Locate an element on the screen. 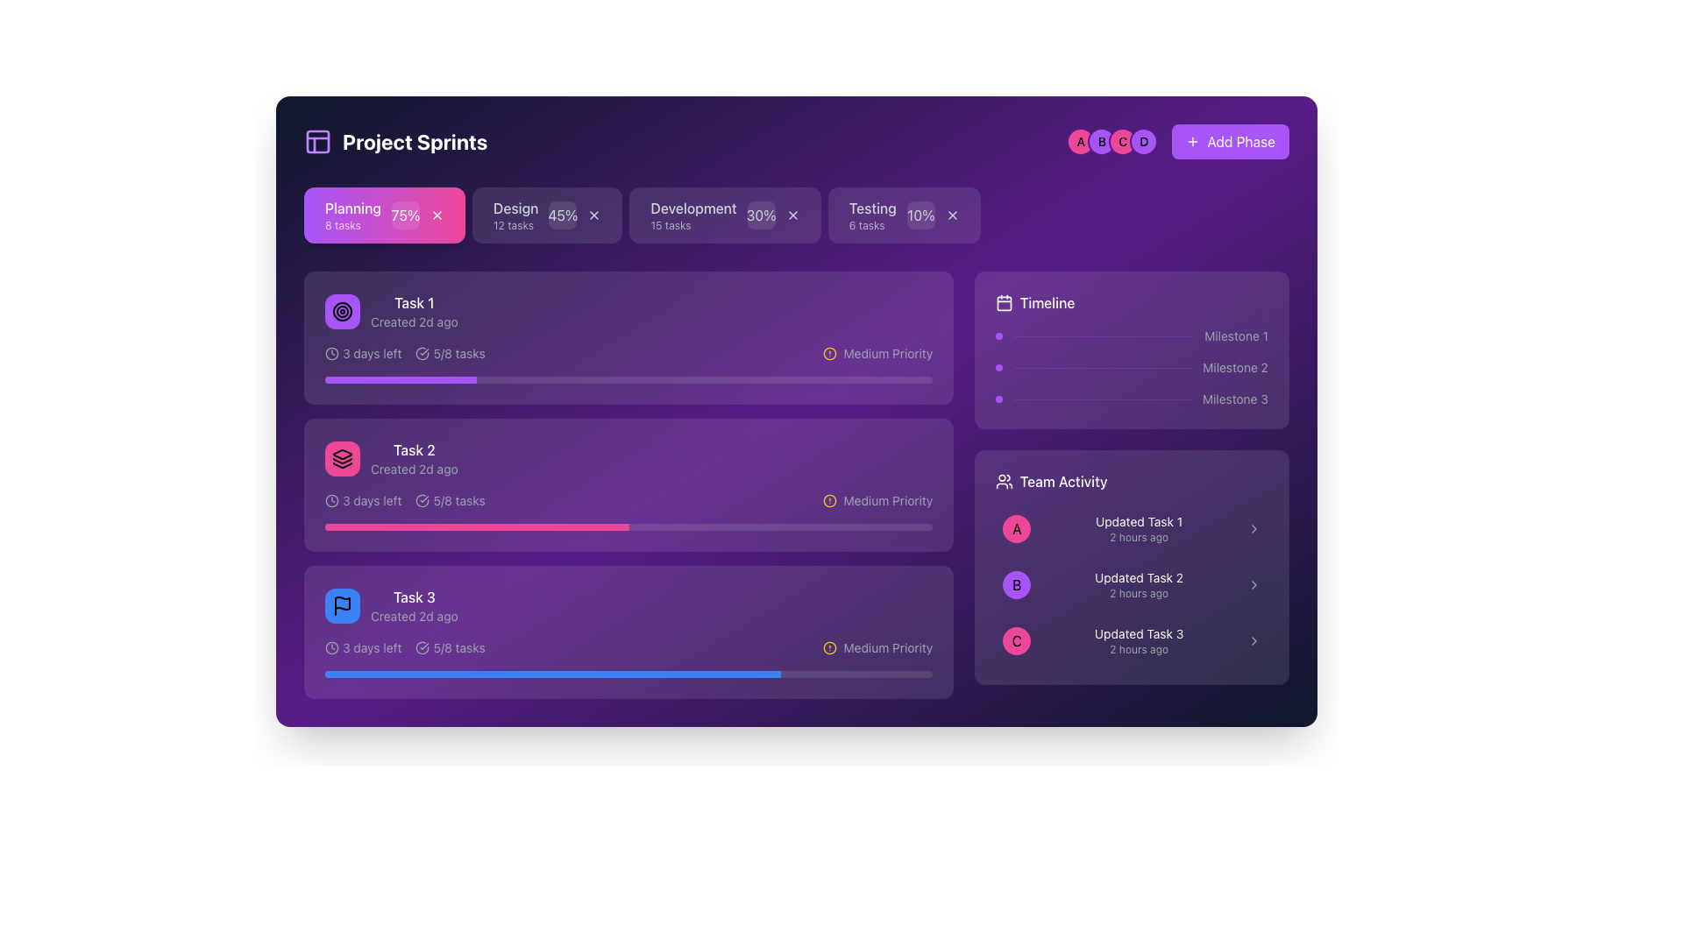 The width and height of the screenshot is (1683, 946). the 'Project Sprints' button, which is styled with bold white text against a dark purple background, to trigger a potential tooltip is located at coordinates (414, 141).